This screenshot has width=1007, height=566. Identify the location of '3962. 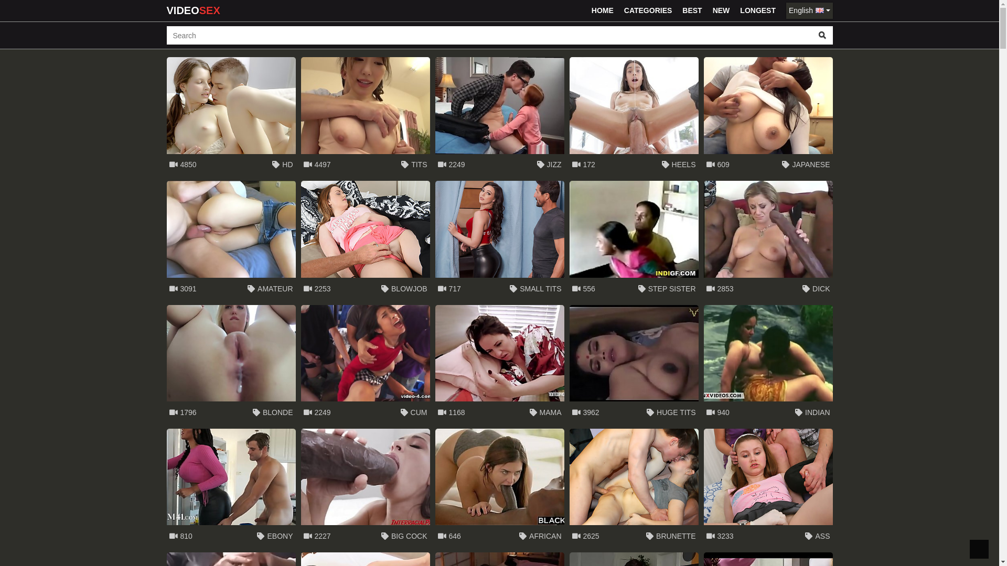
(634, 363).